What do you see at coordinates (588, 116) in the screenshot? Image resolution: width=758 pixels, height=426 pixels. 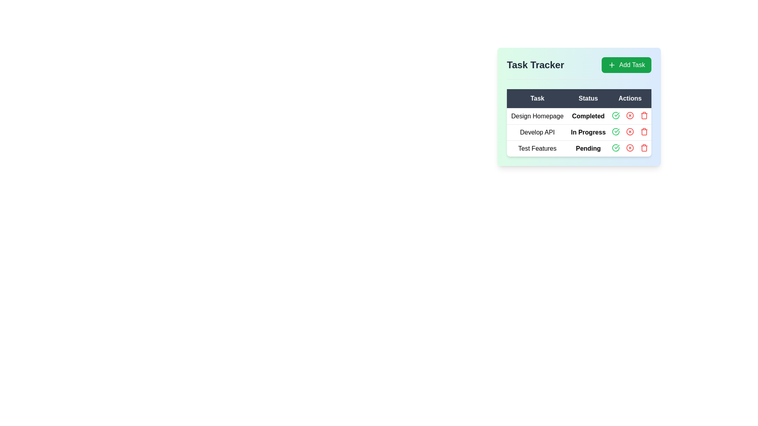 I see `the non-interactive status label displaying 'Completed' for the 'Design Homepage' task located in the 'Status' column` at bounding box center [588, 116].